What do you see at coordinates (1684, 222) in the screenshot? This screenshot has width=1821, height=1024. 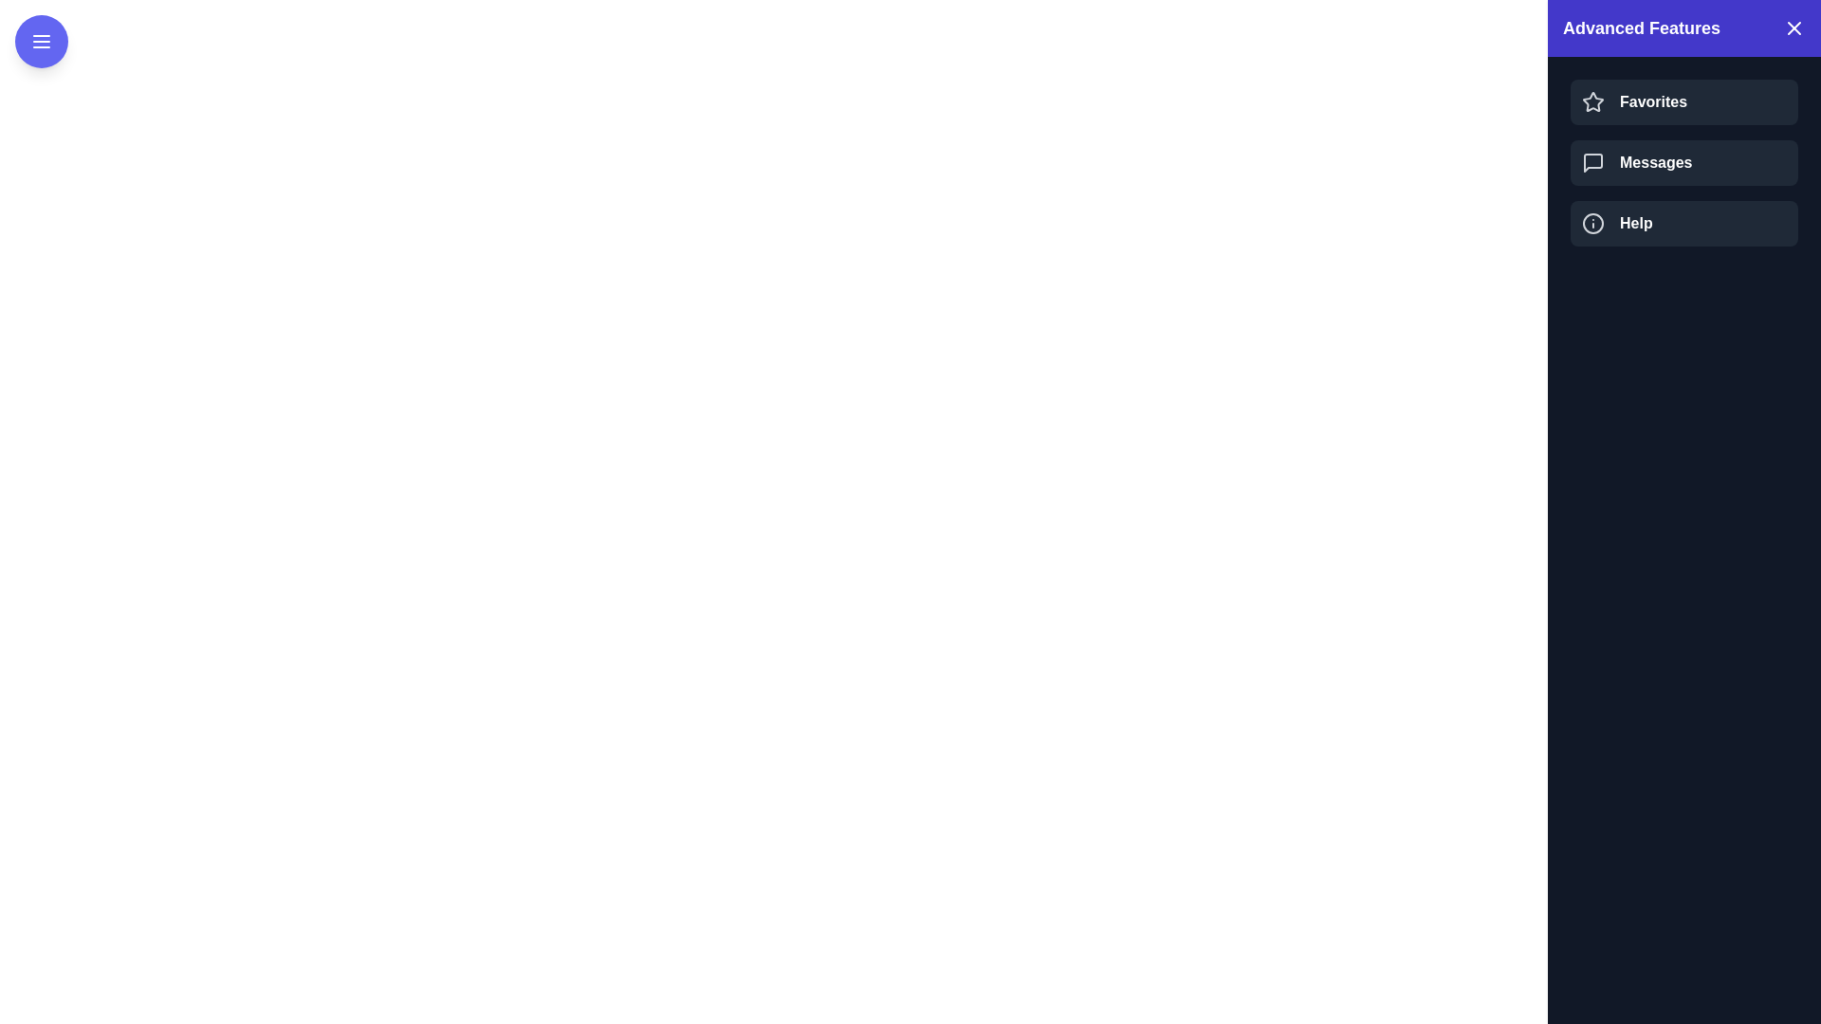 I see `the Help in the drawer by clicking it` at bounding box center [1684, 222].